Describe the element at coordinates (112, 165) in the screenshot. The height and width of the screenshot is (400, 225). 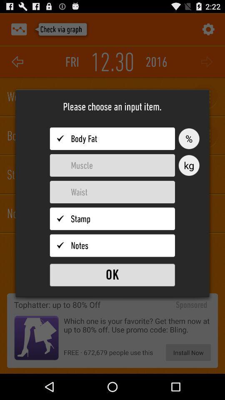
I see `choose muscle` at that location.